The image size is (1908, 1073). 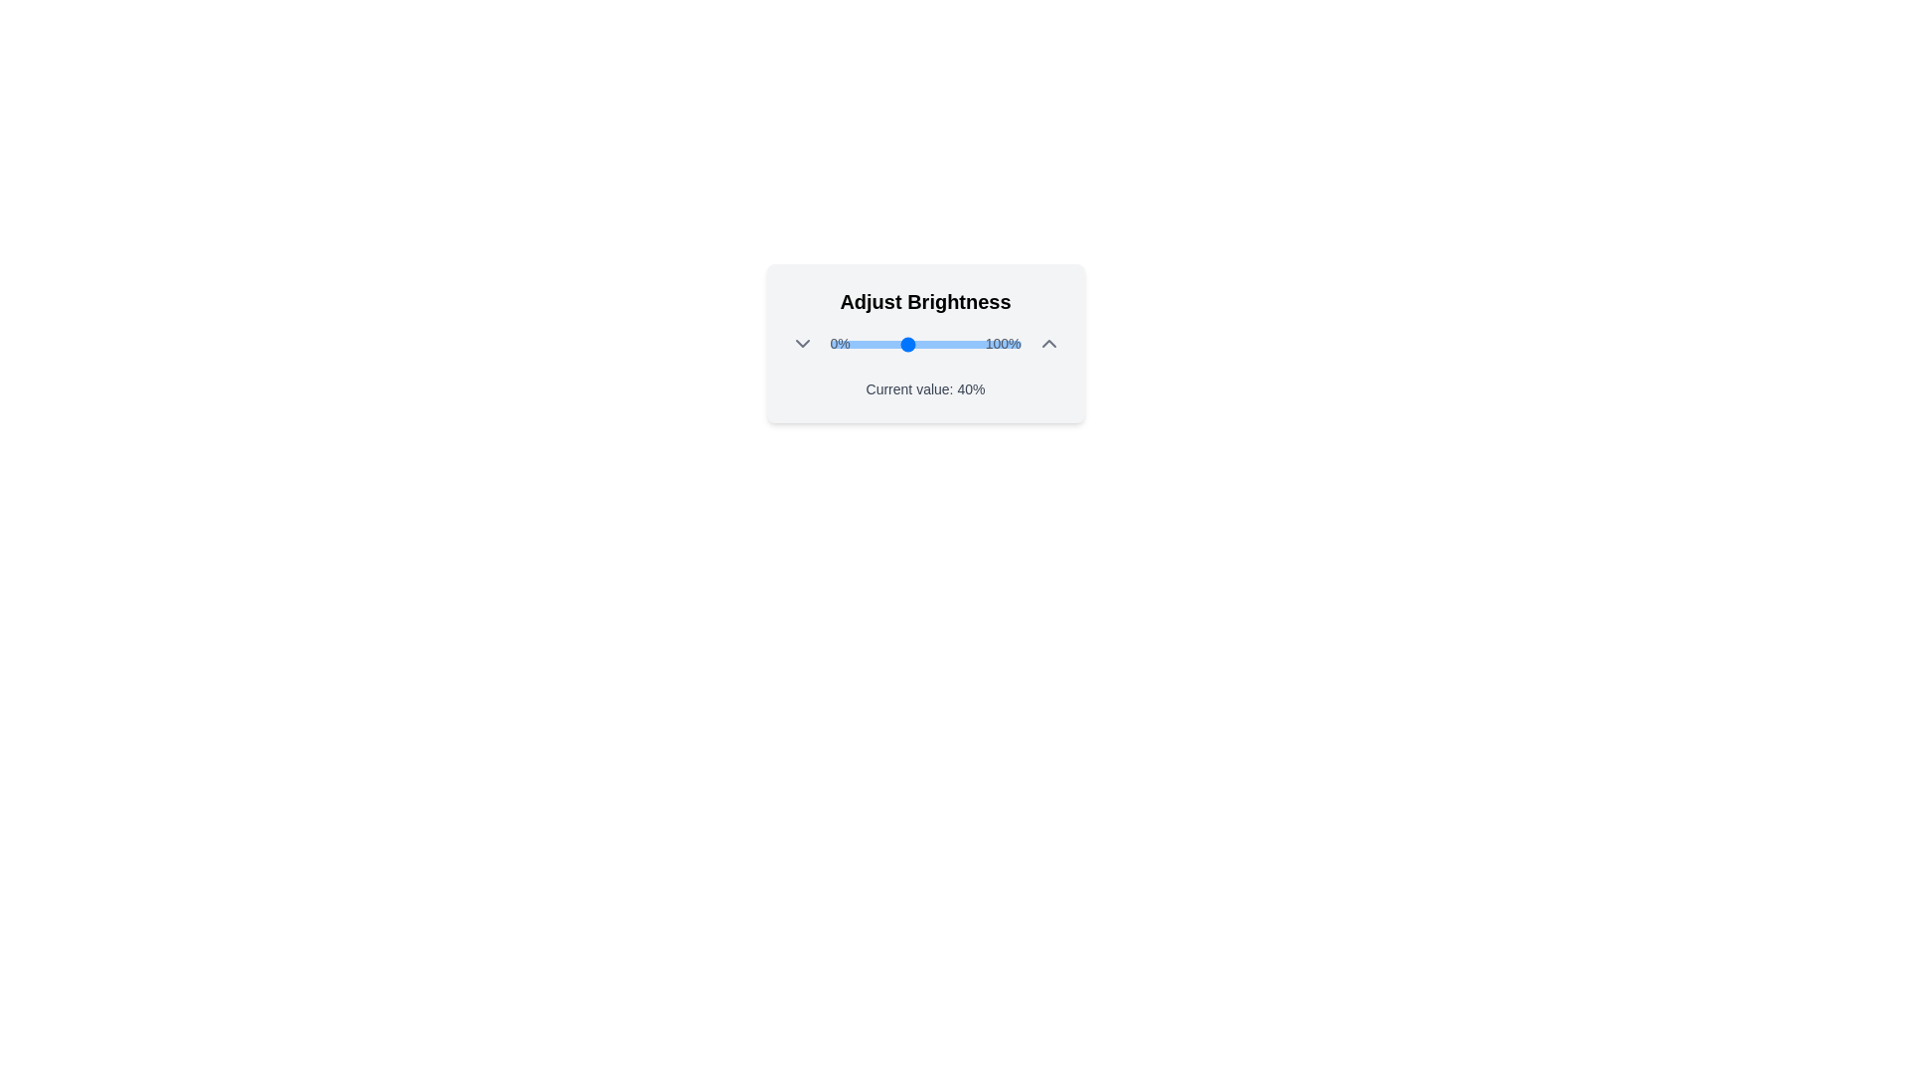 What do you see at coordinates (872, 344) in the screenshot?
I see `brightness` at bounding box center [872, 344].